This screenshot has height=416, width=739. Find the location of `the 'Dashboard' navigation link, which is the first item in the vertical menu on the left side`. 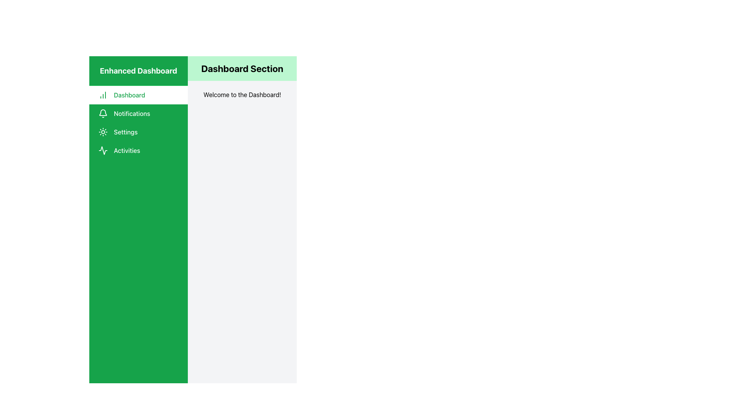

the 'Dashboard' navigation link, which is the first item in the vertical menu on the left side is located at coordinates (139, 94).